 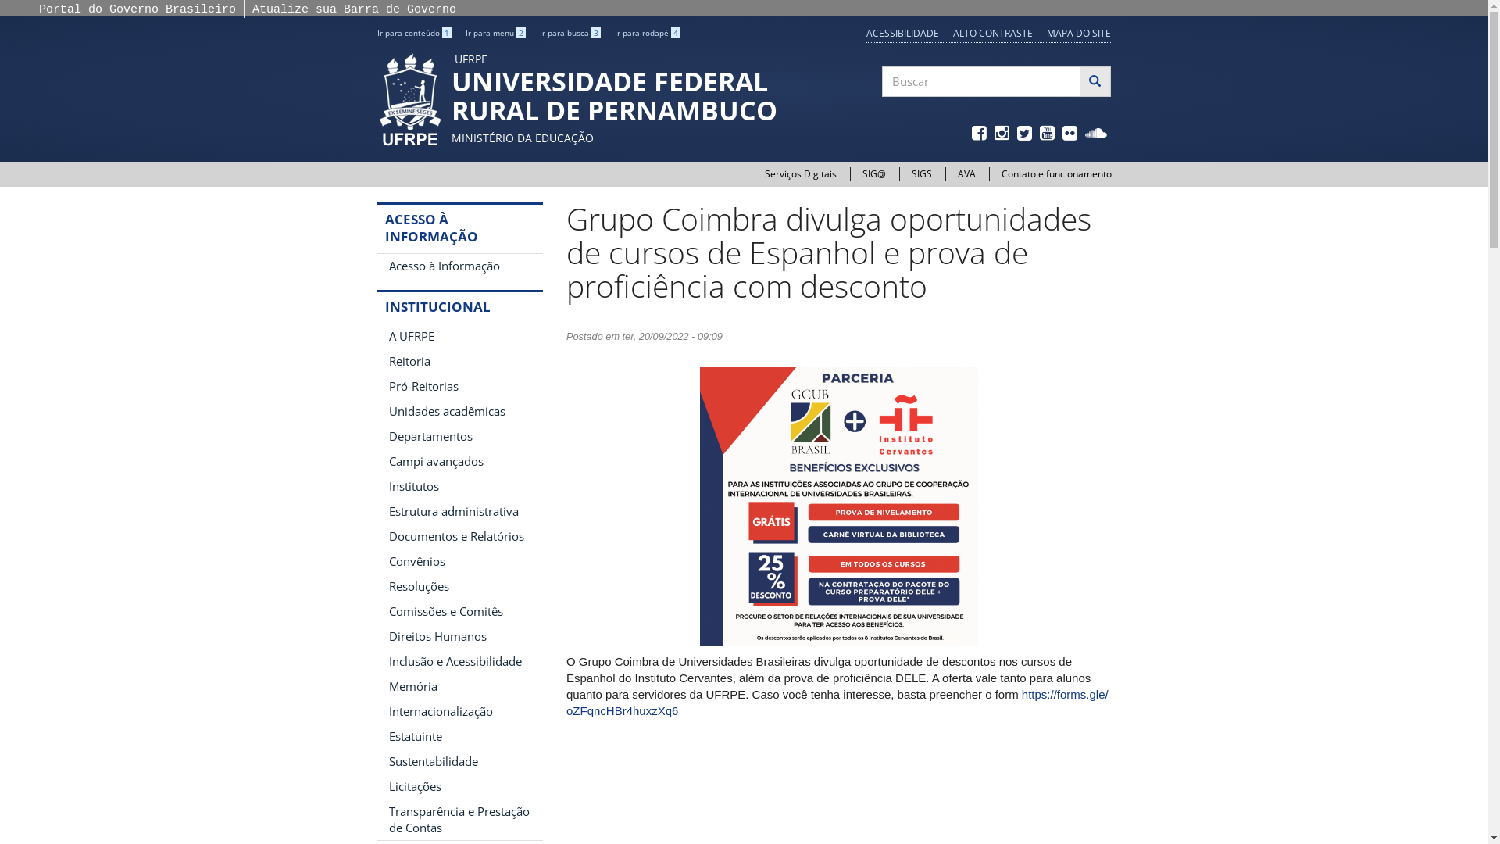 What do you see at coordinates (1026, 134) in the screenshot?
I see `' '` at bounding box center [1026, 134].